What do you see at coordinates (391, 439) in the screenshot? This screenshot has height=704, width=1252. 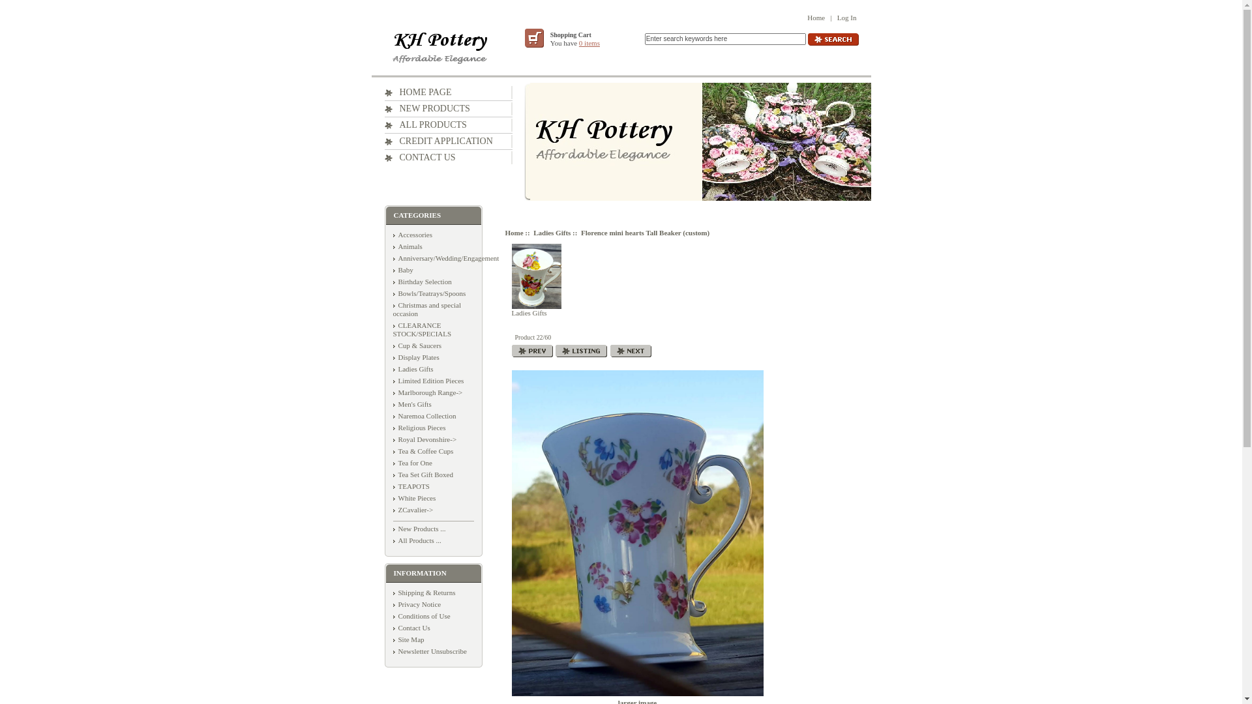 I see `'Royal Devonshire->'` at bounding box center [391, 439].